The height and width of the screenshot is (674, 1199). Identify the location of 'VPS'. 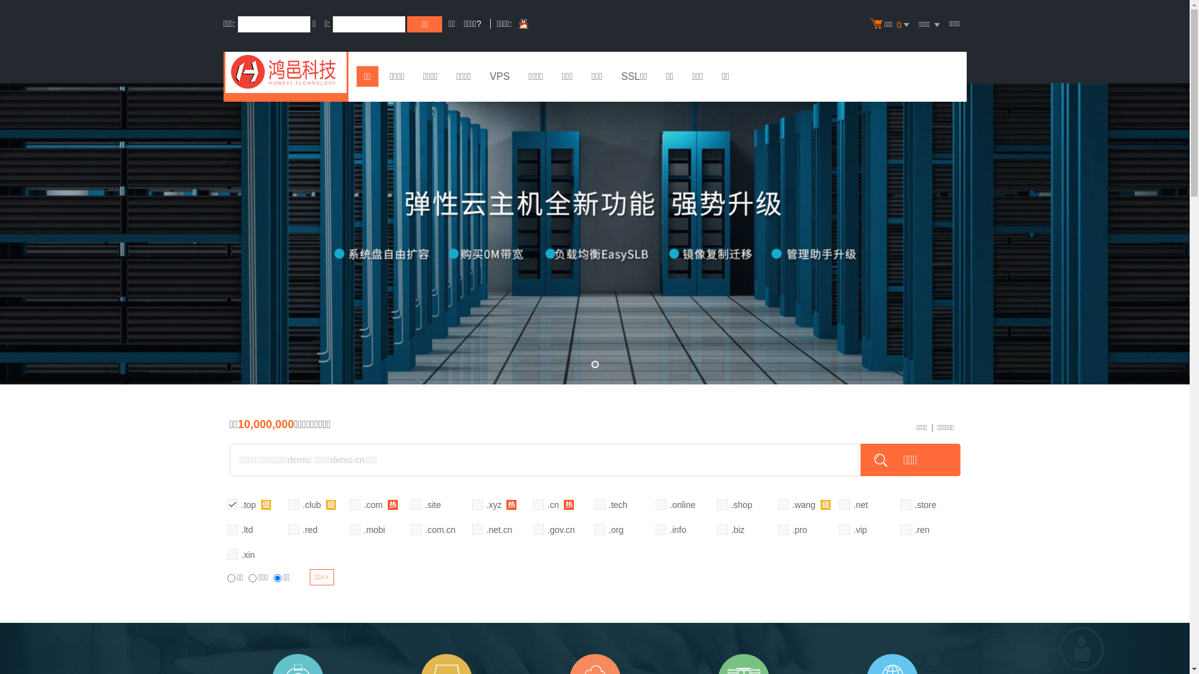
(500, 77).